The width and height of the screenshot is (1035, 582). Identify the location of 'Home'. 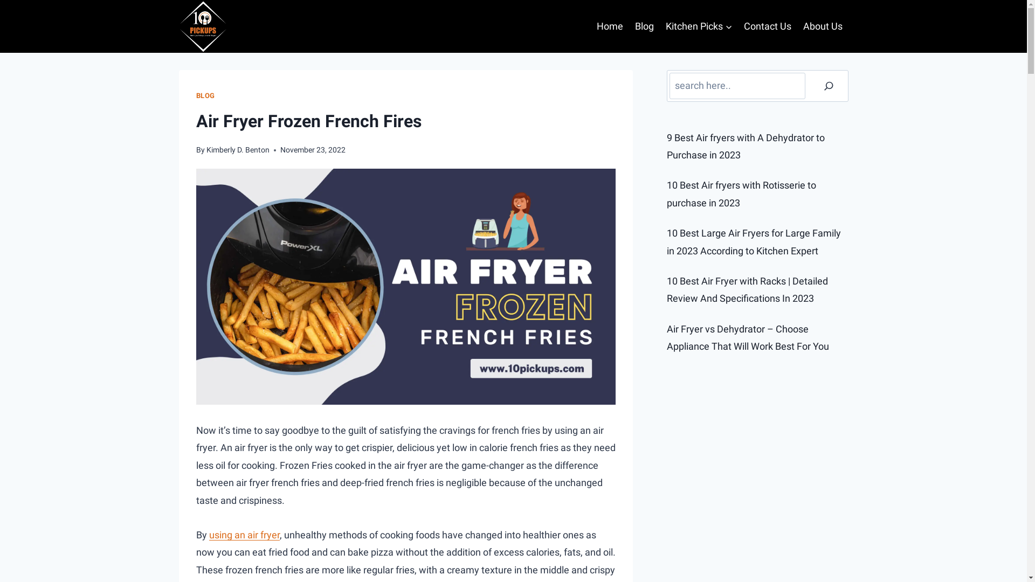
(610, 26).